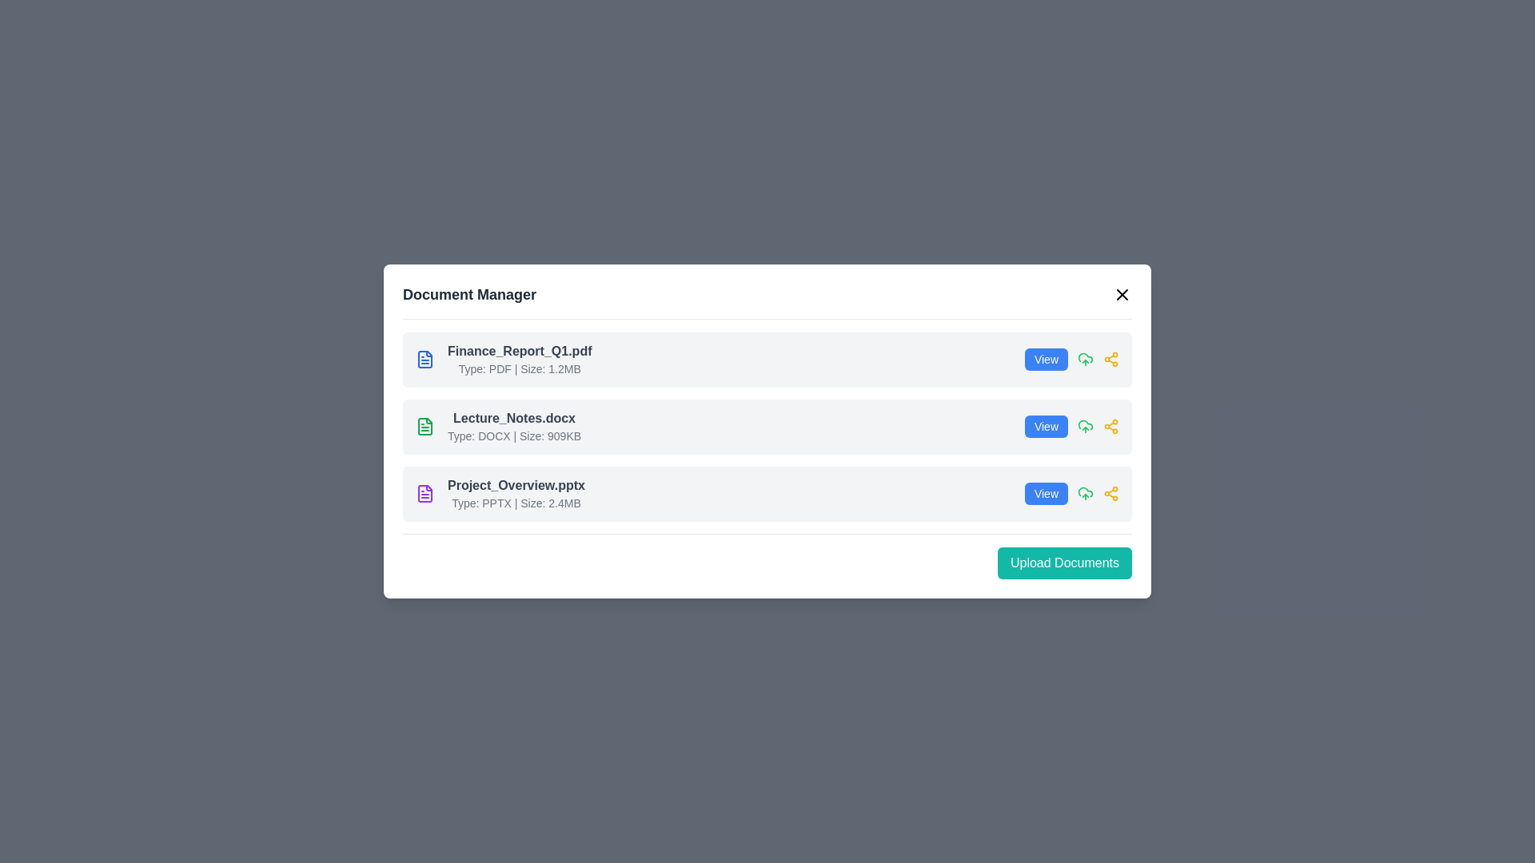 The height and width of the screenshot is (863, 1535). Describe the element at coordinates (425, 360) in the screenshot. I see `the document icon representing 'Finance_Report_Q1.pdf'` at that location.